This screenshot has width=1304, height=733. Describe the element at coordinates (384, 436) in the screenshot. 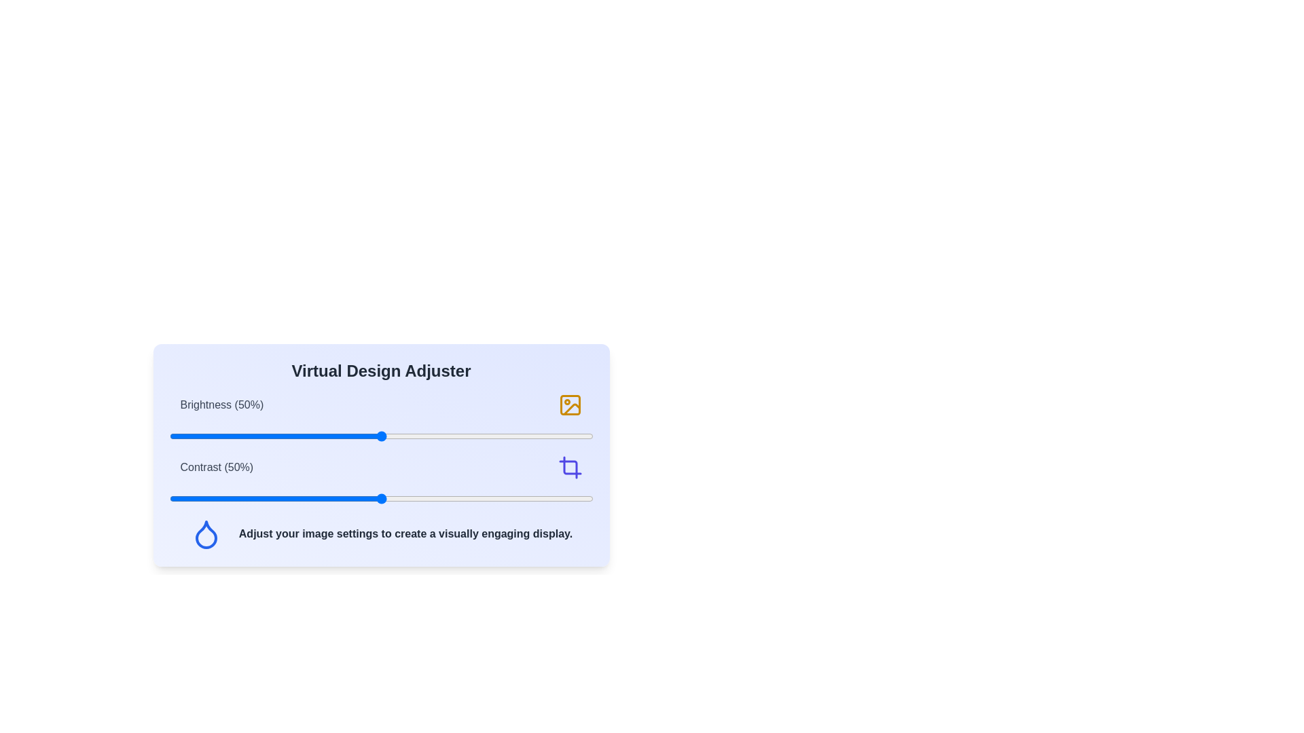

I see `the brightness slider to 51%` at that location.